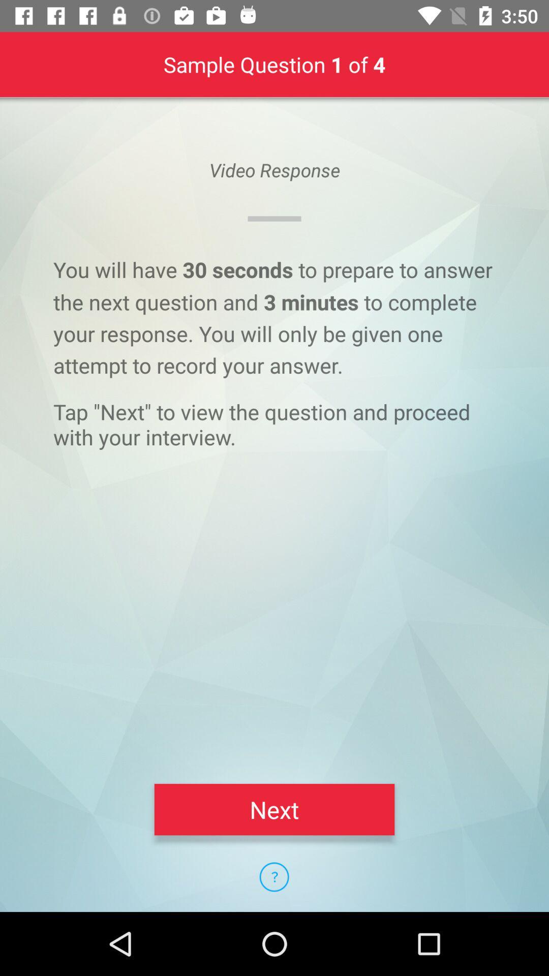 The height and width of the screenshot is (976, 549). I want to click on the help icon, so click(273, 876).